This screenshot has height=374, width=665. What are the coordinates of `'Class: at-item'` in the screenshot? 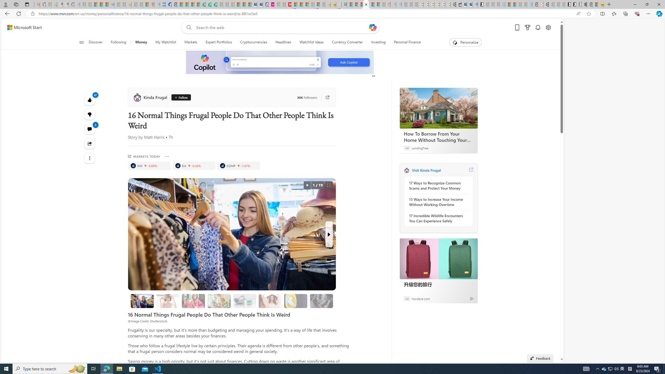 It's located at (90, 158).